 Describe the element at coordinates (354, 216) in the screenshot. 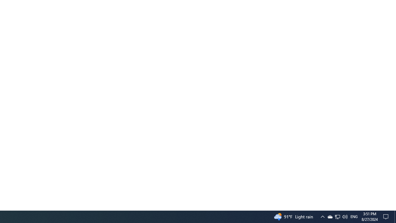

I see `'Tray Input Indicator - English (United States)'` at that location.